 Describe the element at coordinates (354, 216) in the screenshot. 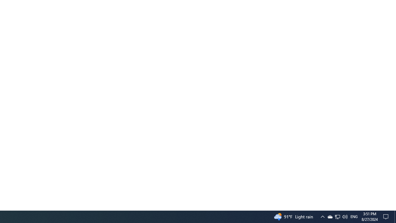

I see `'Tray Input Indicator - English (United States)'` at that location.